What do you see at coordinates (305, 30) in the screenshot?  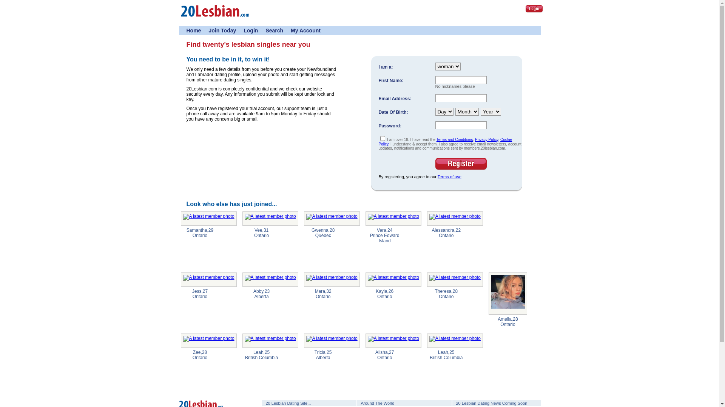 I see `'My Account'` at bounding box center [305, 30].